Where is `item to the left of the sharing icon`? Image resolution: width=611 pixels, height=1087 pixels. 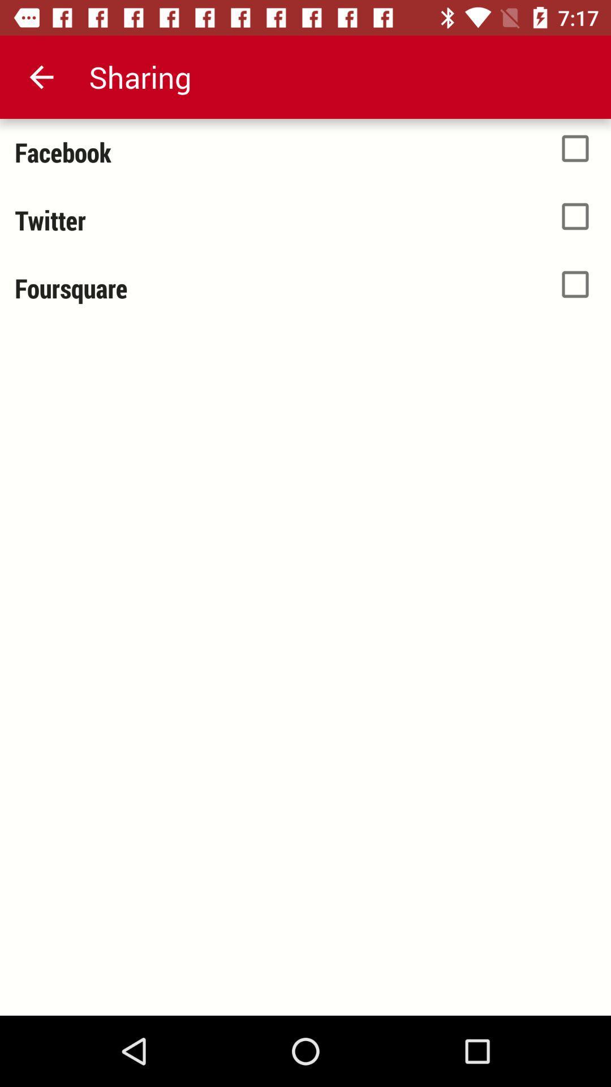
item to the left of the sharing icon is located at coordinates (41, 76).